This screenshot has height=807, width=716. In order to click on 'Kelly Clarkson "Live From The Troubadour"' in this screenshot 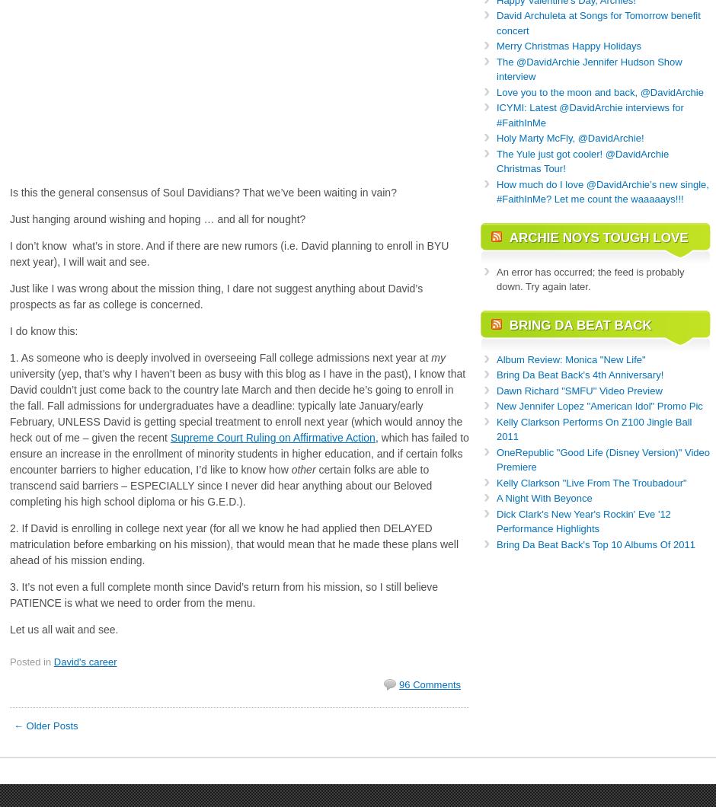, I will do `click(590, 482)`.